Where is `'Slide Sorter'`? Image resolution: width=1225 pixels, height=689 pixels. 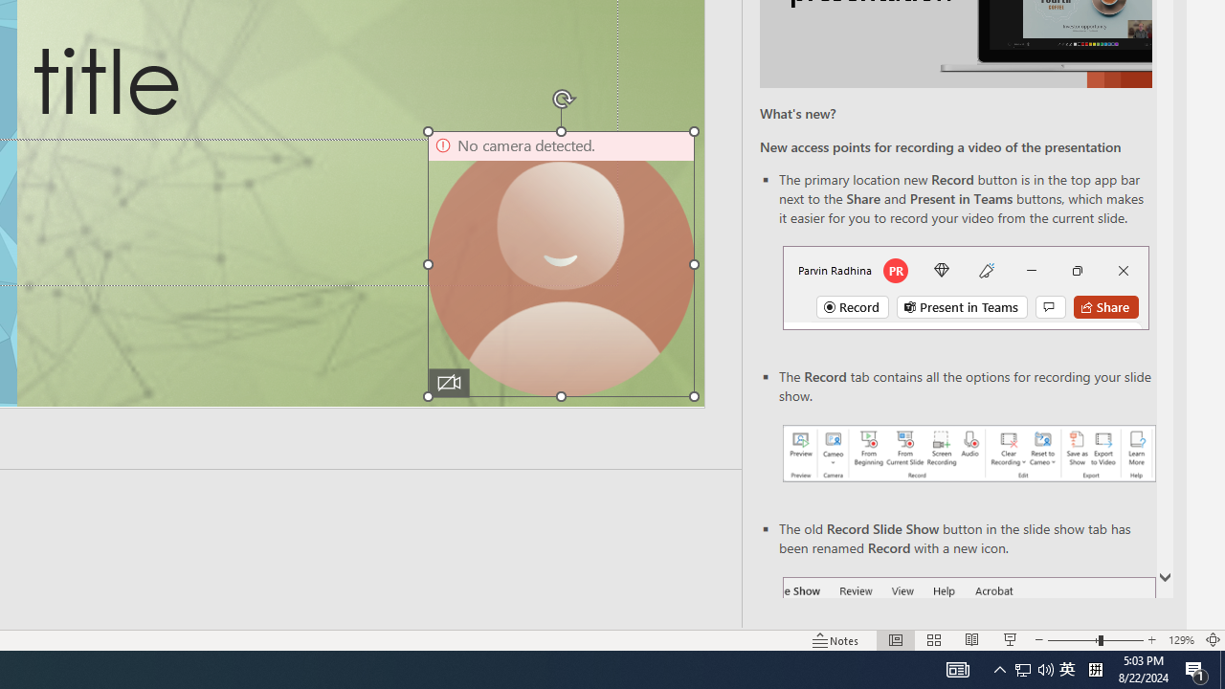 'Slide Sorter' is located at coordinates (934, 640).